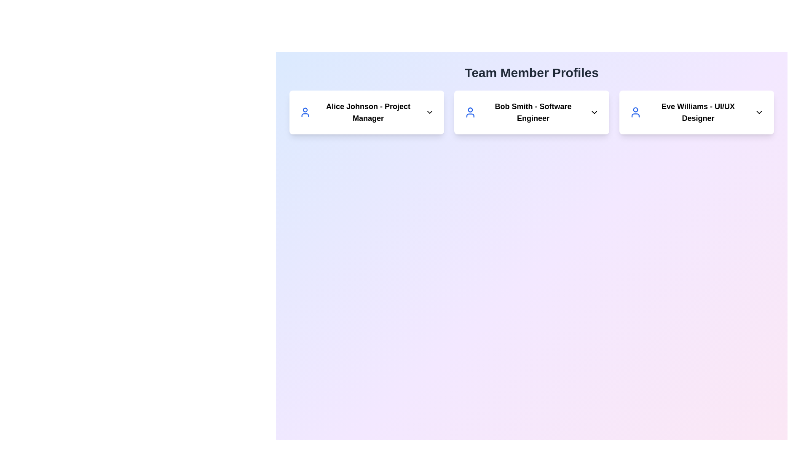  Describe the element at coordinates (531, 112) in the screenshot. I see `the Profile card for team member Bob Smith, which is the second card in a horizontally arranged grid of team member profiles, positioned between Alice Johnson and Eve Williams` at that location.